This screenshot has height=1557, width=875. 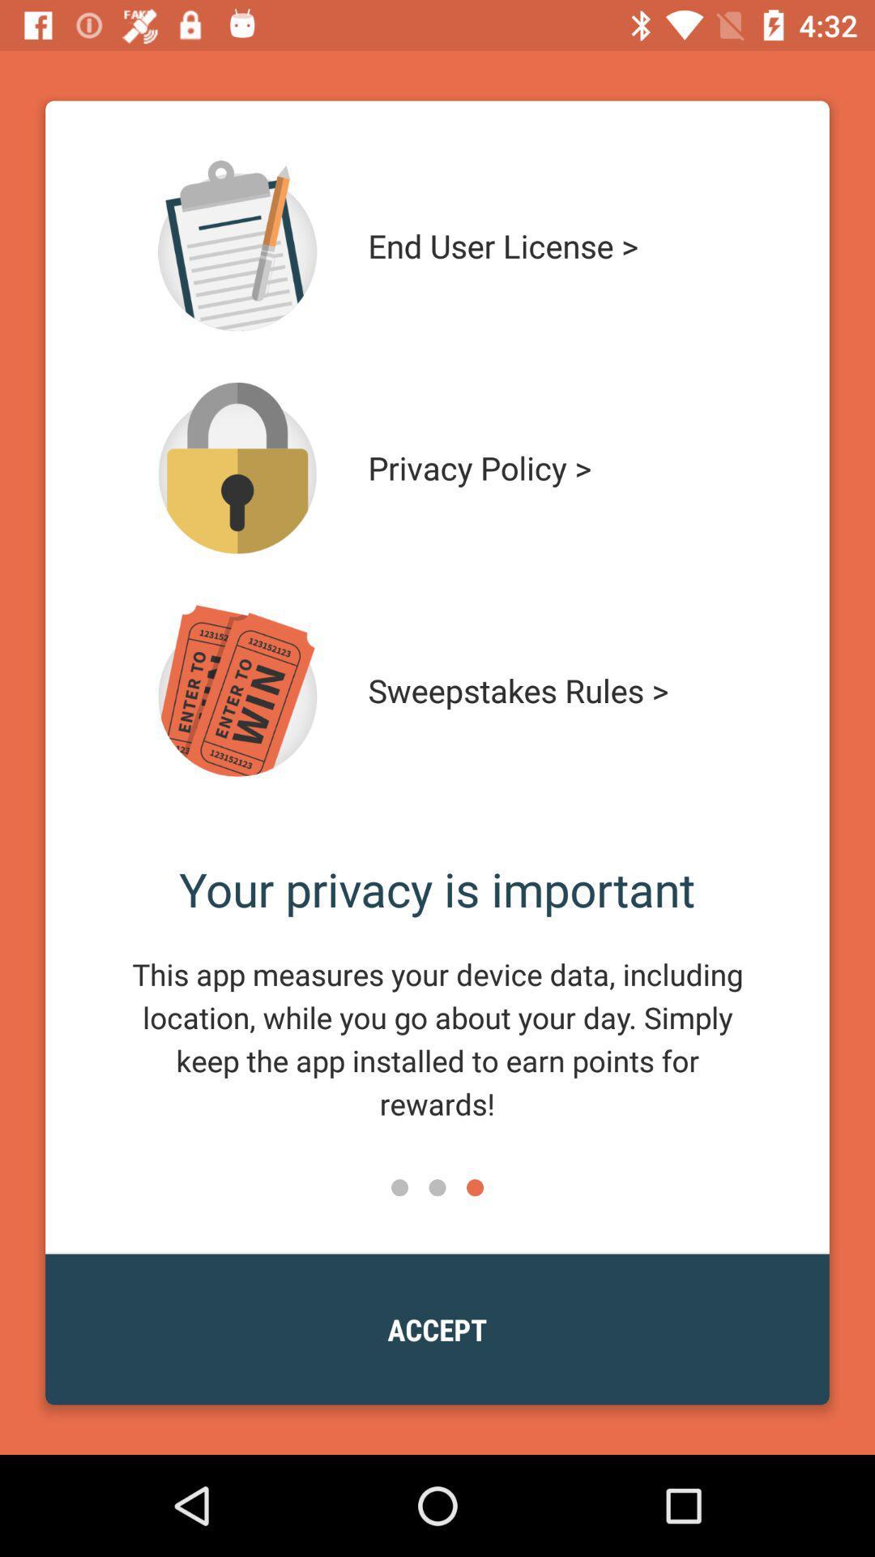 What do you see at coordinates (237, 690) in the screenshot?
I see `open rule sheet` at bounding box center [237, 690].